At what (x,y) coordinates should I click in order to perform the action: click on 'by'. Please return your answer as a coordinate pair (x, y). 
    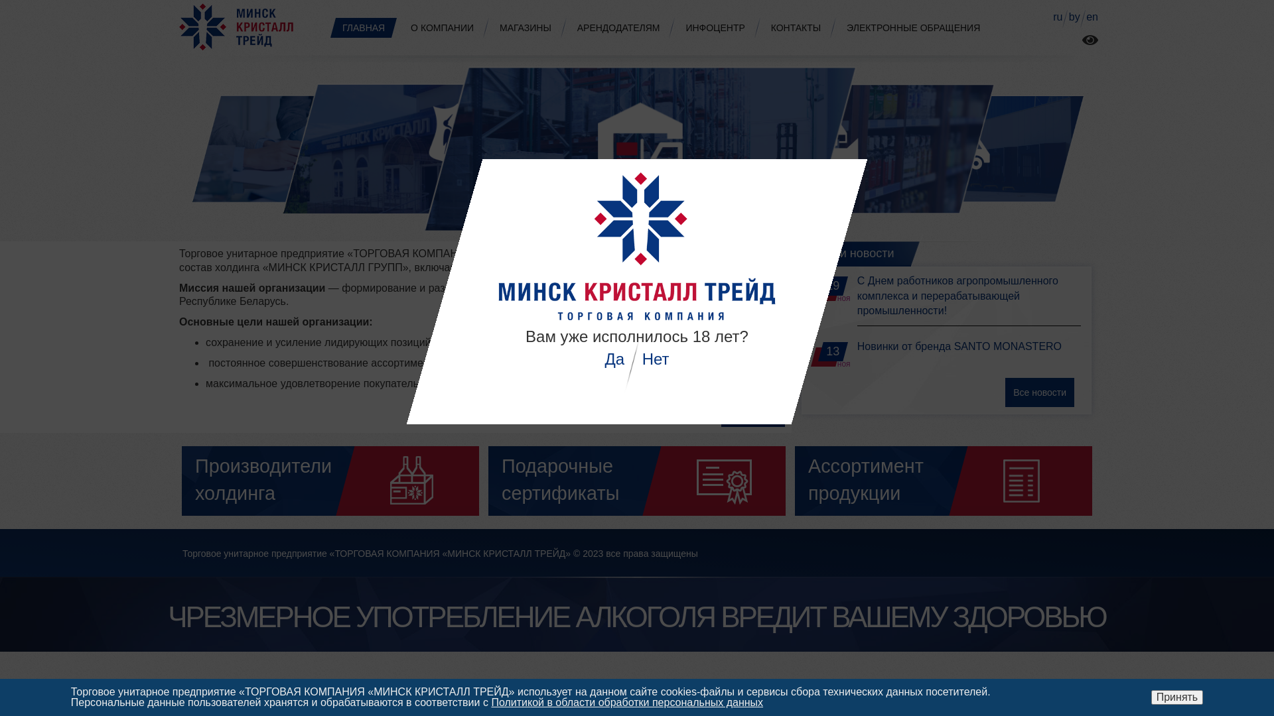
    Looking at the image, I should click on (1074, 17).